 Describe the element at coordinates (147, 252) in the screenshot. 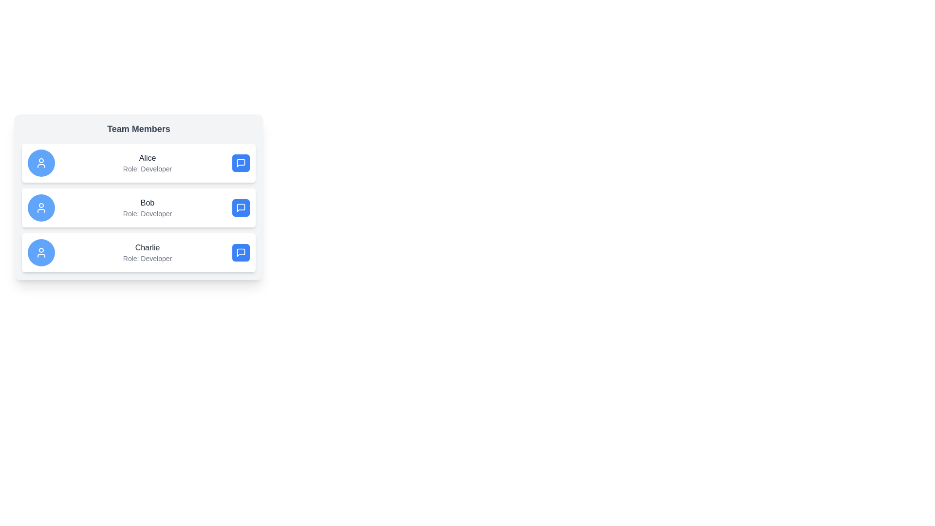

I see `the Label displaying the name 'Charlie' and the role 'Developer' in the third row of the 'Team Members' list` at that location.